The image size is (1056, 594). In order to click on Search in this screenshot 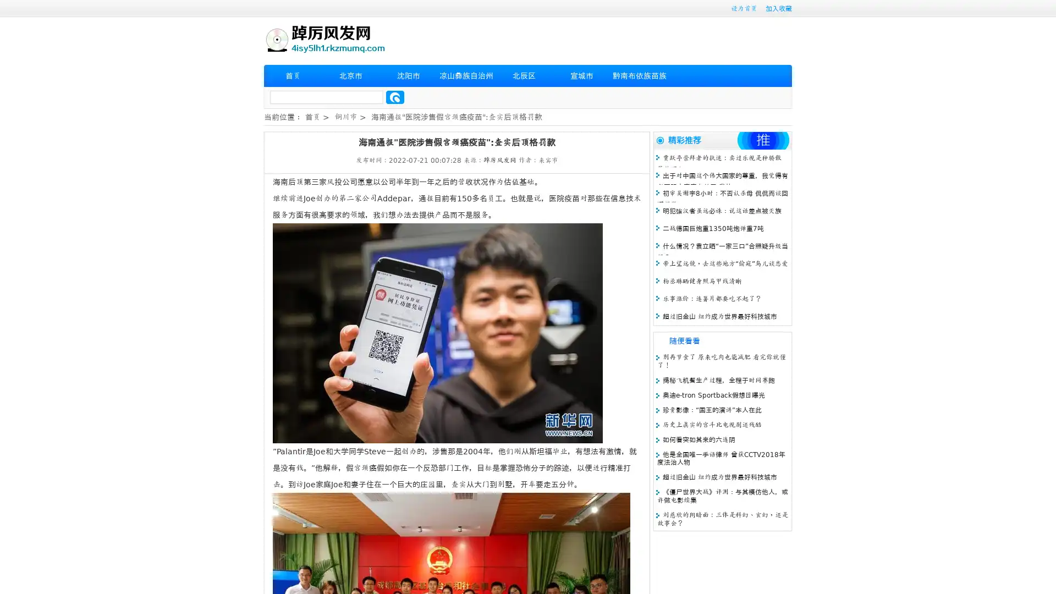, I will do `click(395, 97)`.